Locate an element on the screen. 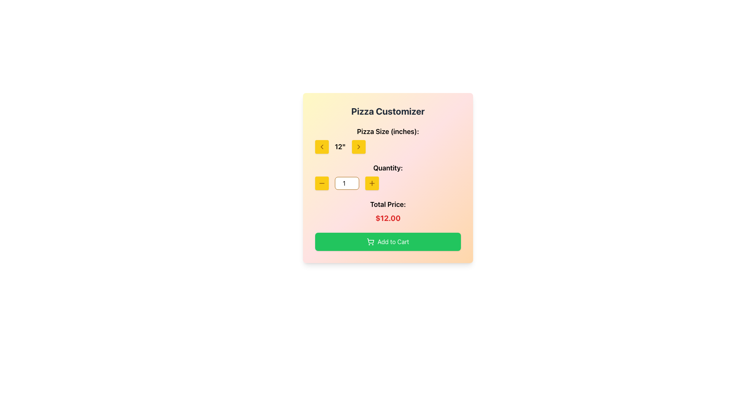 This screenshot has height=410, width=729. the label text element that reads 'Total Price:', which is styled in bold and larger size, located above the red price value '$12.00' is located at coordinates (388, 204).